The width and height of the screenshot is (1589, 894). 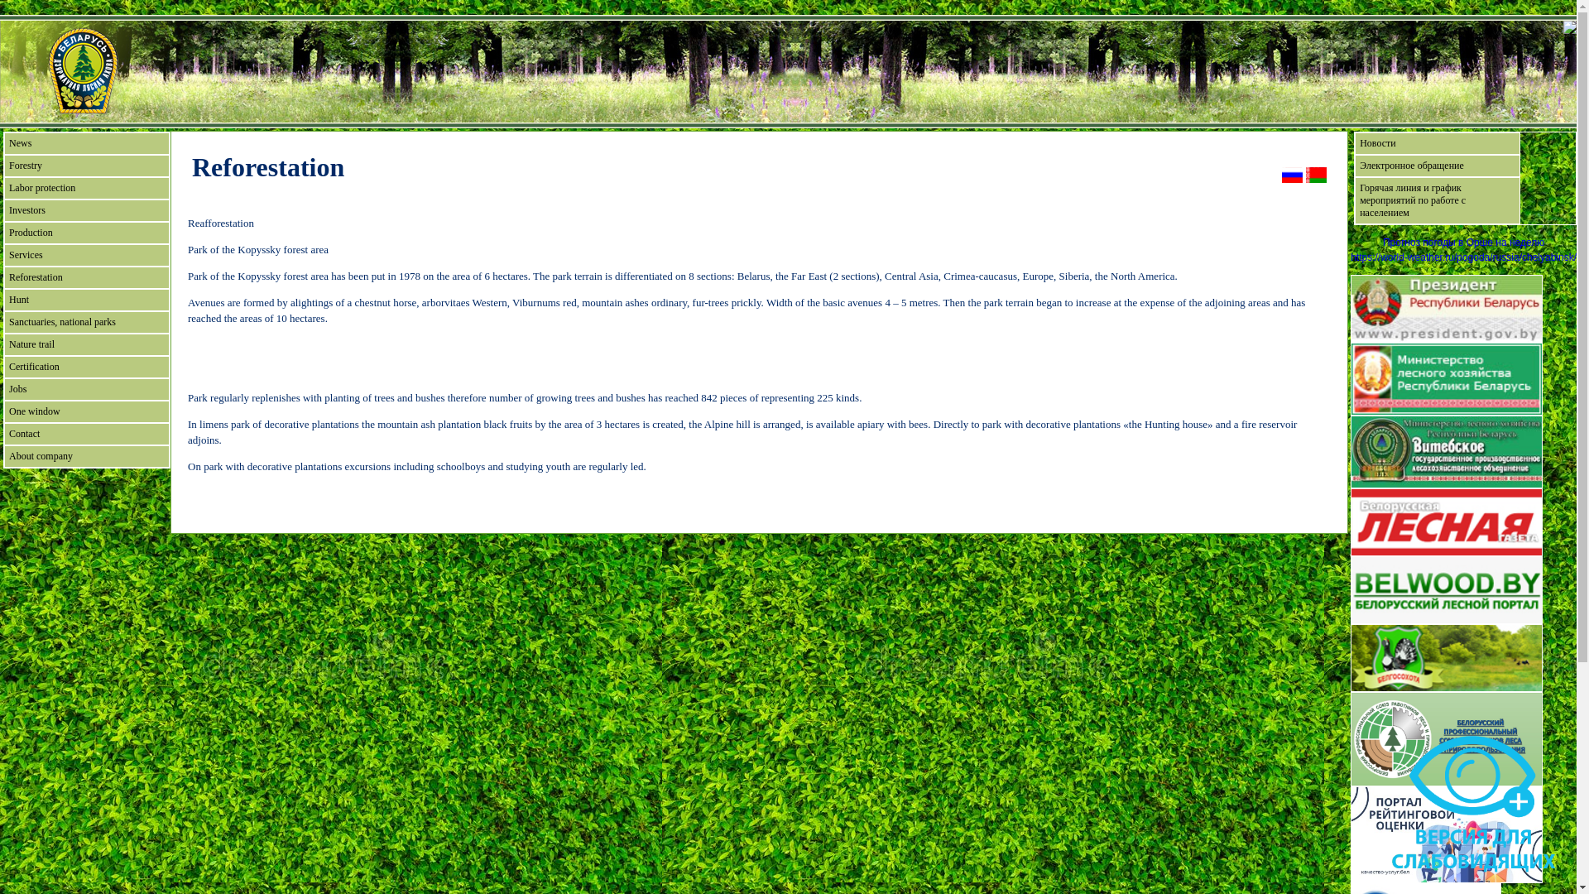 What do you see at coordinates (86, 142) in the screenshot?
I see `'News'` at bounding box center [86, 142].